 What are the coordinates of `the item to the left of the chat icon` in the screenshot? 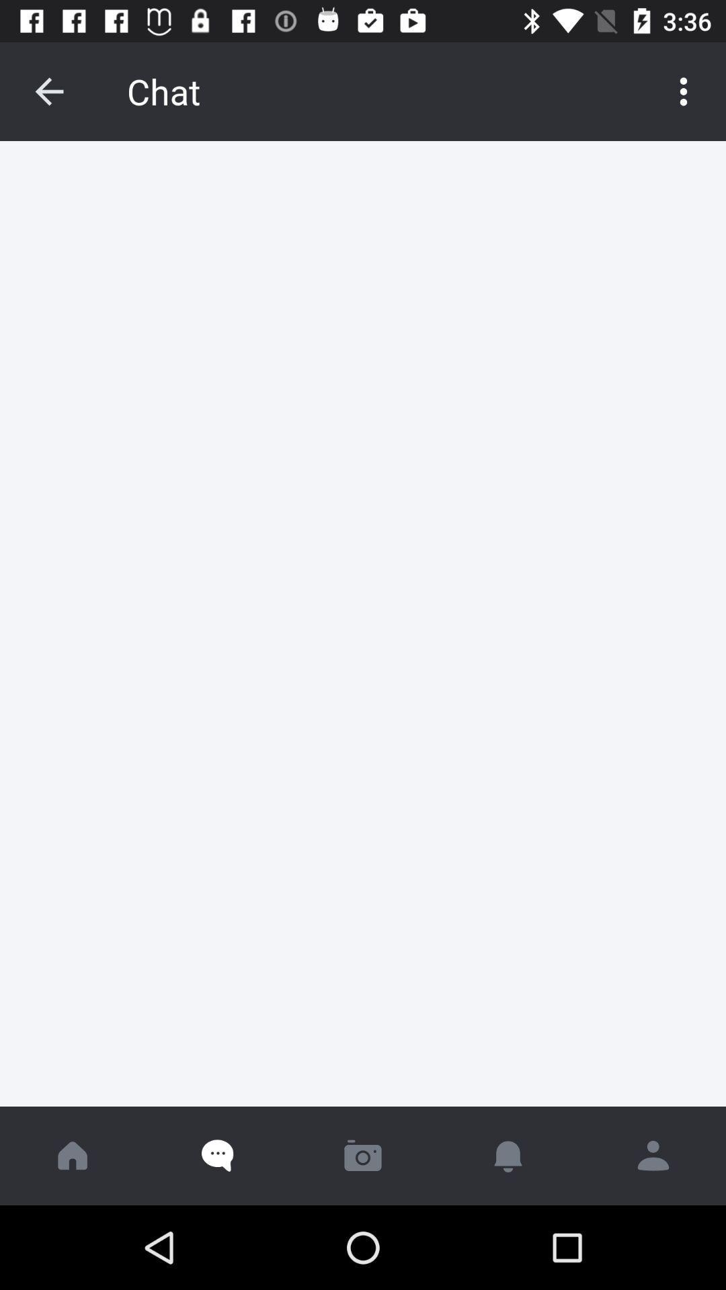 It's located at (48, 91).